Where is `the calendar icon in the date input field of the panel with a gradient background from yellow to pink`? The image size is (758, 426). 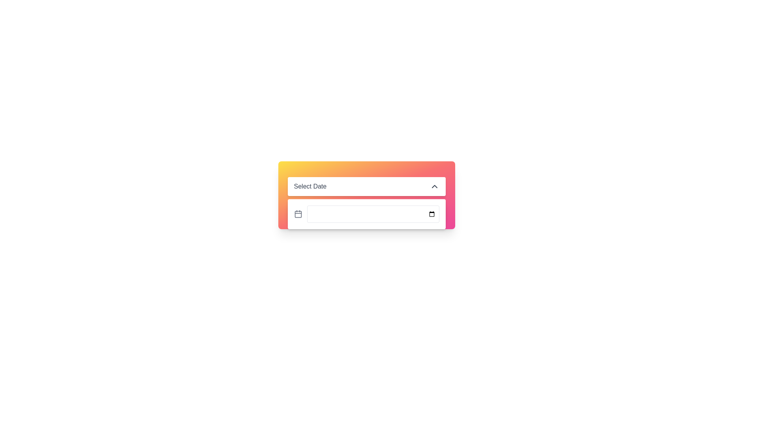
the calendar icon in the date input field of the panel with a gradient background from yellow to pink is located at coordinates (366, 195).